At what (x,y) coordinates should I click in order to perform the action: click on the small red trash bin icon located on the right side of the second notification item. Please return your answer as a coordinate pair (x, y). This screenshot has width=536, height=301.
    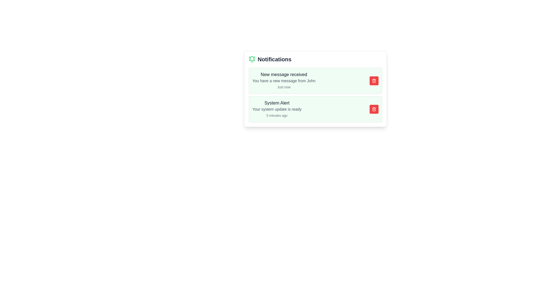
    Looking at the image, I should click on (374, 81).